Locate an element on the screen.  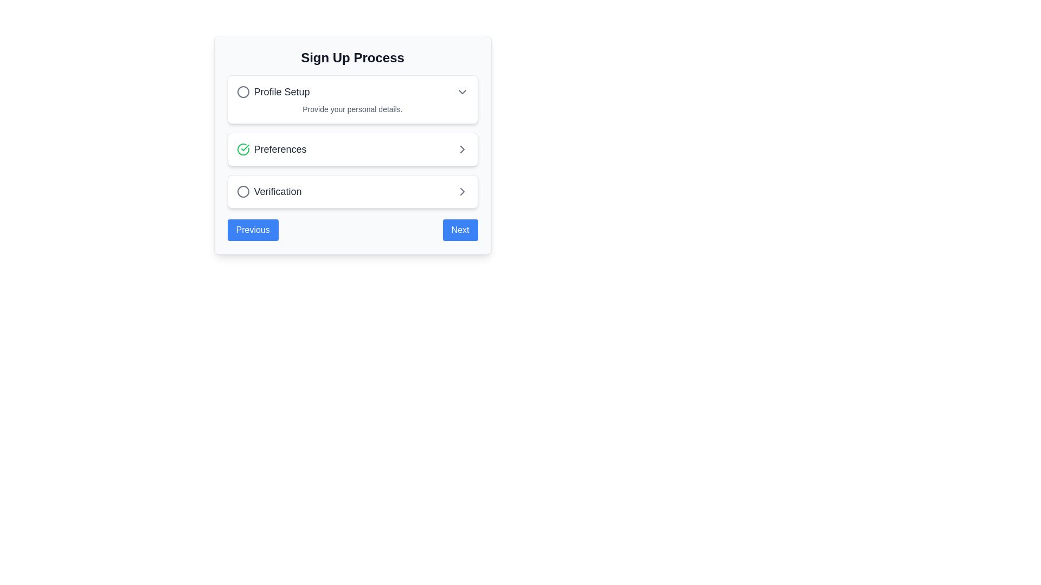
the right-facing chevron icon in the 'Sign Up Process' panel, which is aligned horizontally with the 'Verification' text is located at coordinates (462, 149).